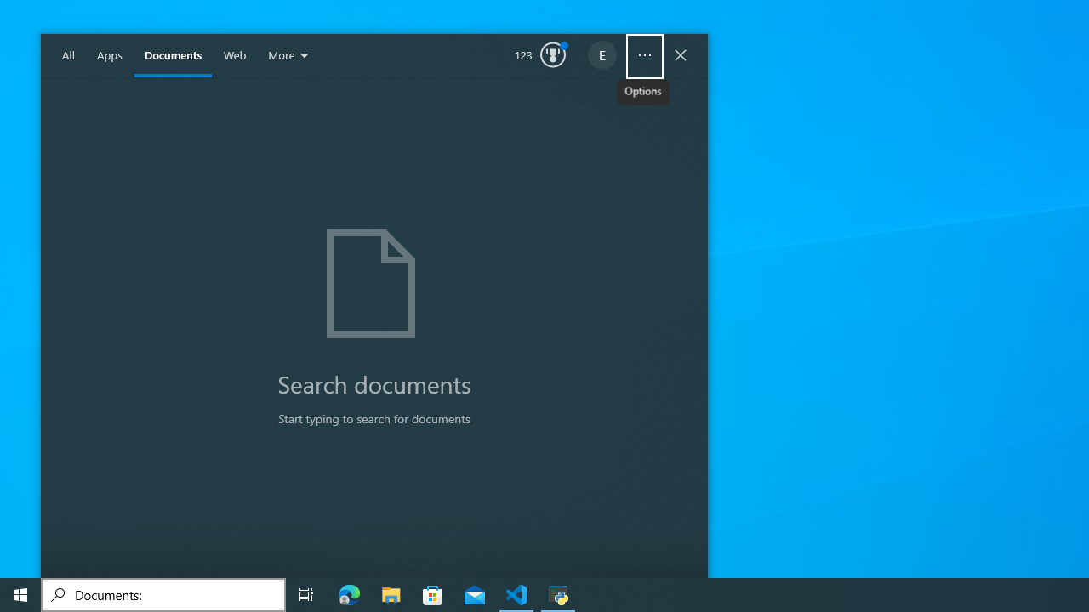  What do you see at coordinates (644, 55) in the screenshot?
I see `'Options'` at bounding box center [644, 55].